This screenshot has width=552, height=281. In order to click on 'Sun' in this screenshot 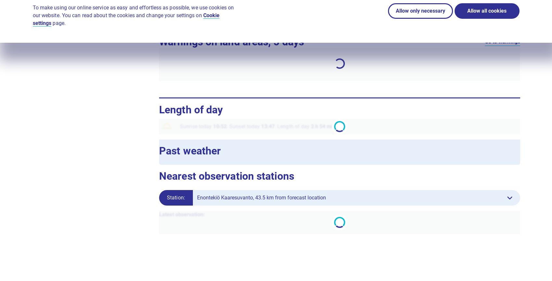, I will do `click(257, 66)`.